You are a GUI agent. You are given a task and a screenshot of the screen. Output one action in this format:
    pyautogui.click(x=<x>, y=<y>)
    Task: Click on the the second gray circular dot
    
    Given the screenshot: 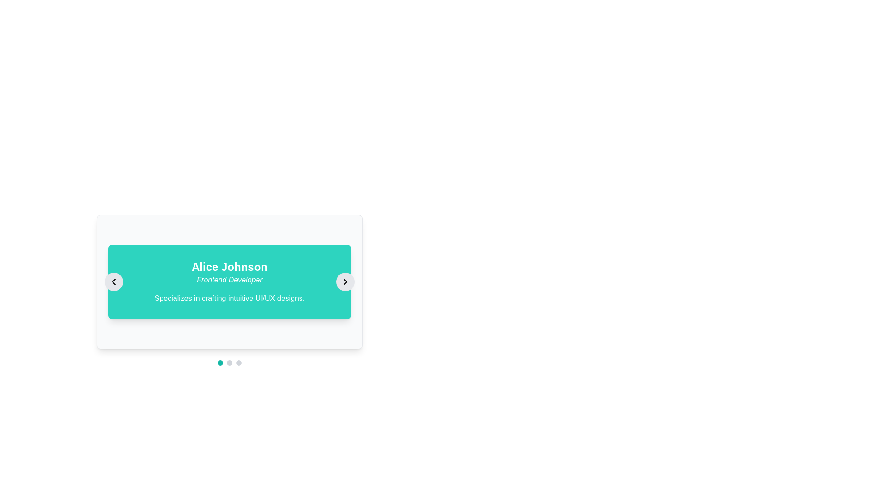 What is the action you would take?
    pyautogui.click(x=229, y=362)
    